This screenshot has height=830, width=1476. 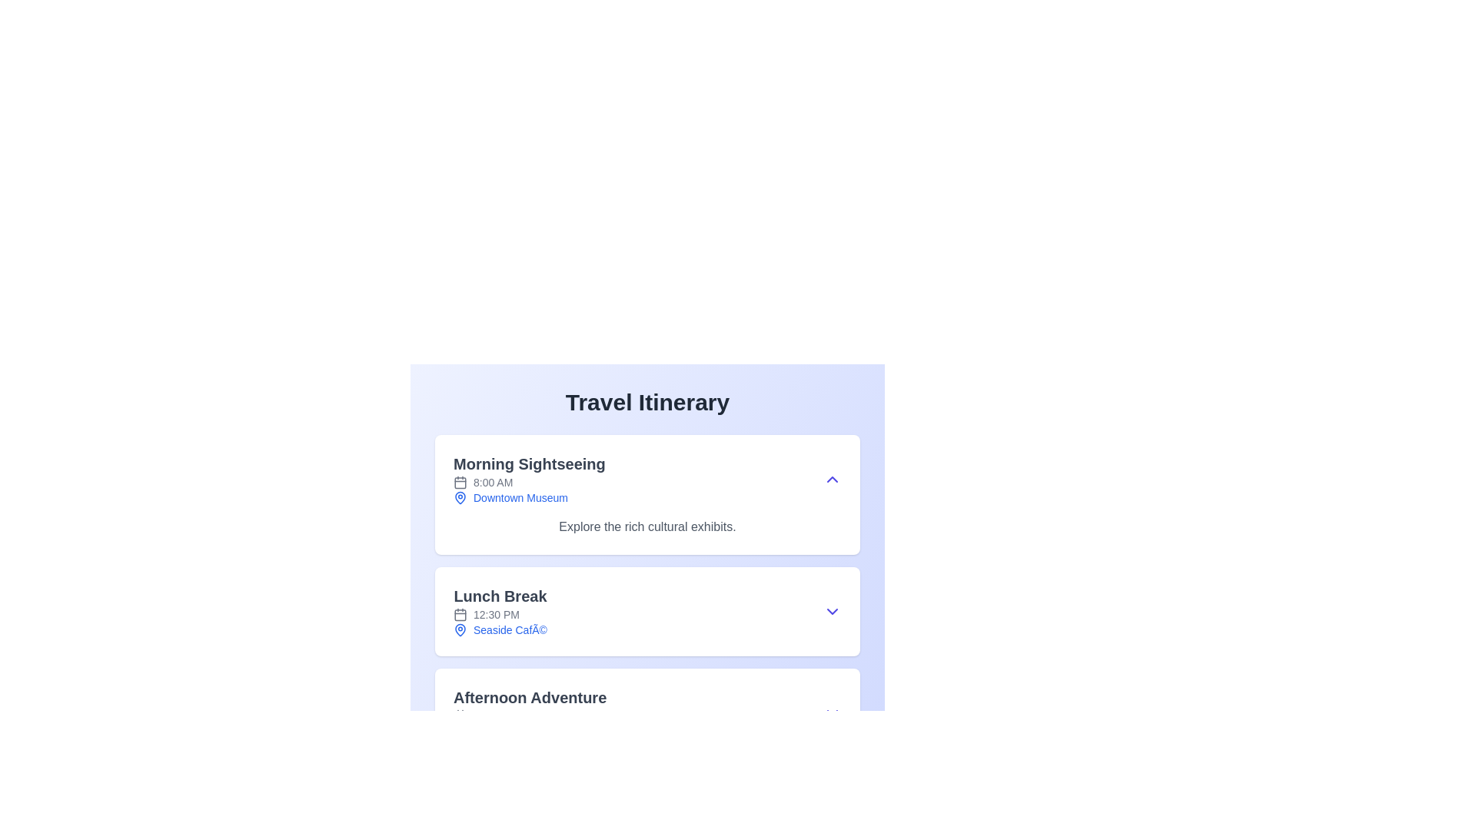 What do you see at coordinates (460, 498) in the screenshot?
I see `the icon that indicates a location related to the text label 'Downtown Museum', which is the leftmost component in a horizontal group of elements` at bounding box center [460, 498].